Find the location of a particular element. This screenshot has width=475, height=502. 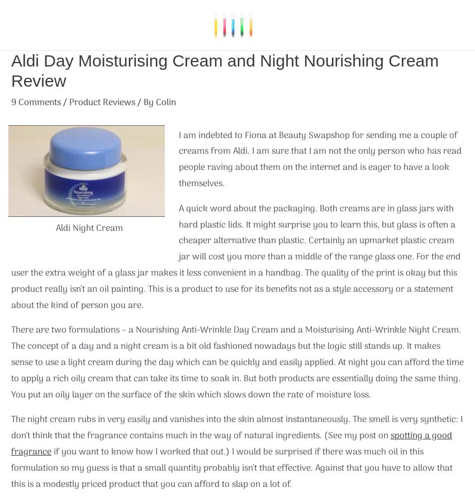

'There are two formulations – a Nourishing Anti-Wrinkle Day Cream and a Moisturising Anti-Wrinkle Night Cream. The concept of a day and a night cream is a bit old fashioned nowadays but the logic still stands up. It makes sense to use a light cream during the day which can be quickly and easily applied. At night you can afford the time to apply a rich oily cream that can take its time to soak in. But both products are essentially doing the same thing. You put an oily layer on the surface of the skin which slows down the rate of moisture loss.' is located at coordinates (10, 362).